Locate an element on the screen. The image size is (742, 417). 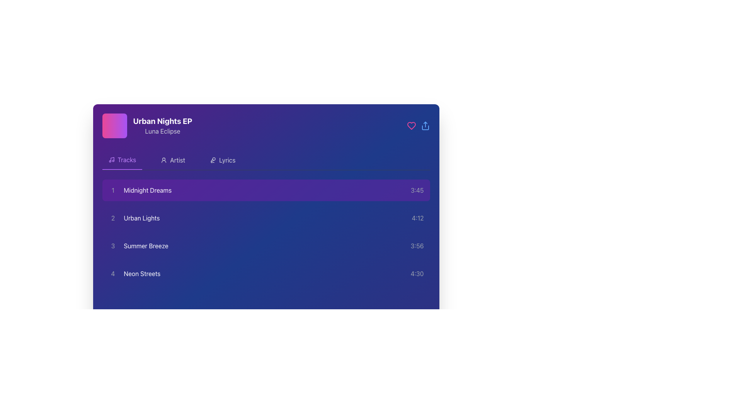
the 'Tracks' navigation button at the top of the main content section to possibly reveal a tooltip or change its style is located at coordinates (122, 160).